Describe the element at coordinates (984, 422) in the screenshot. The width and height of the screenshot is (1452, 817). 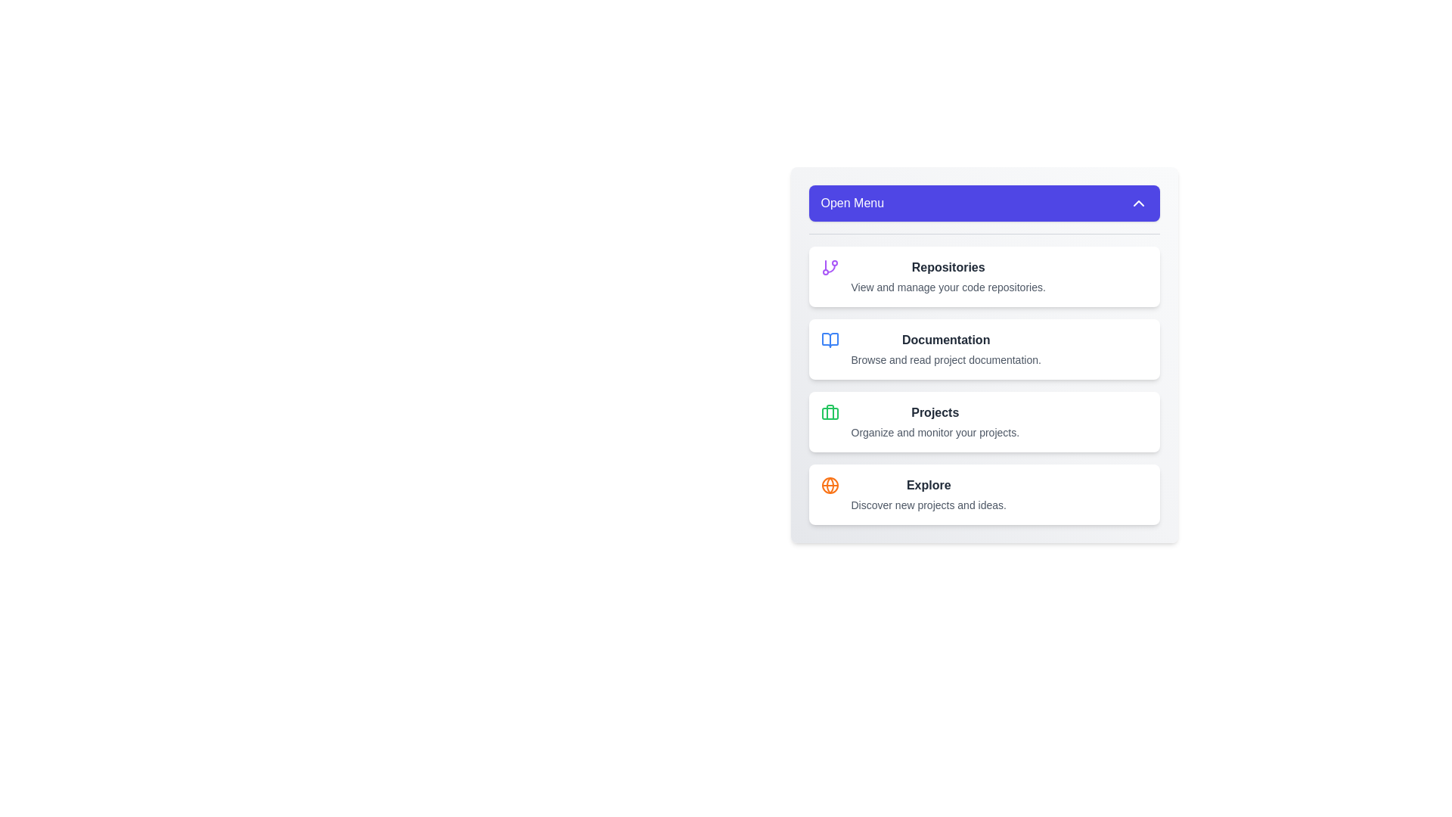
I see `the third navigational card in the 'Open Menu' section` at that location.